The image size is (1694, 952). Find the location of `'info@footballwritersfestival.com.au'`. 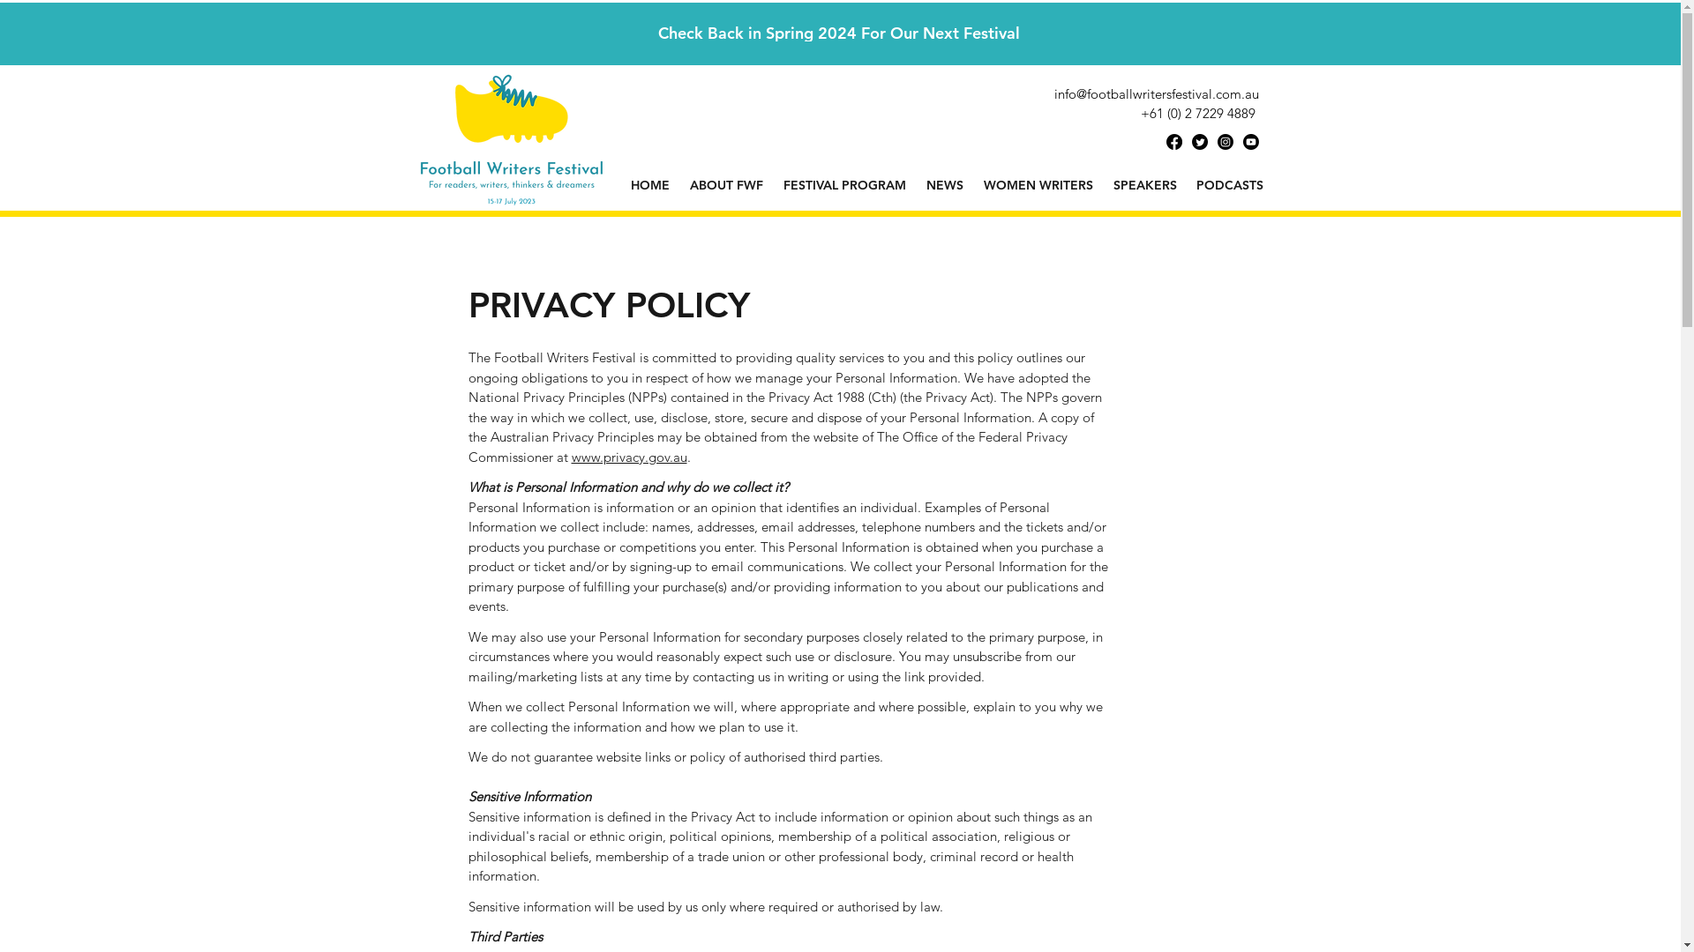

'info@footballwritersfestival.com.au' is located at coordinates (1053, 93).